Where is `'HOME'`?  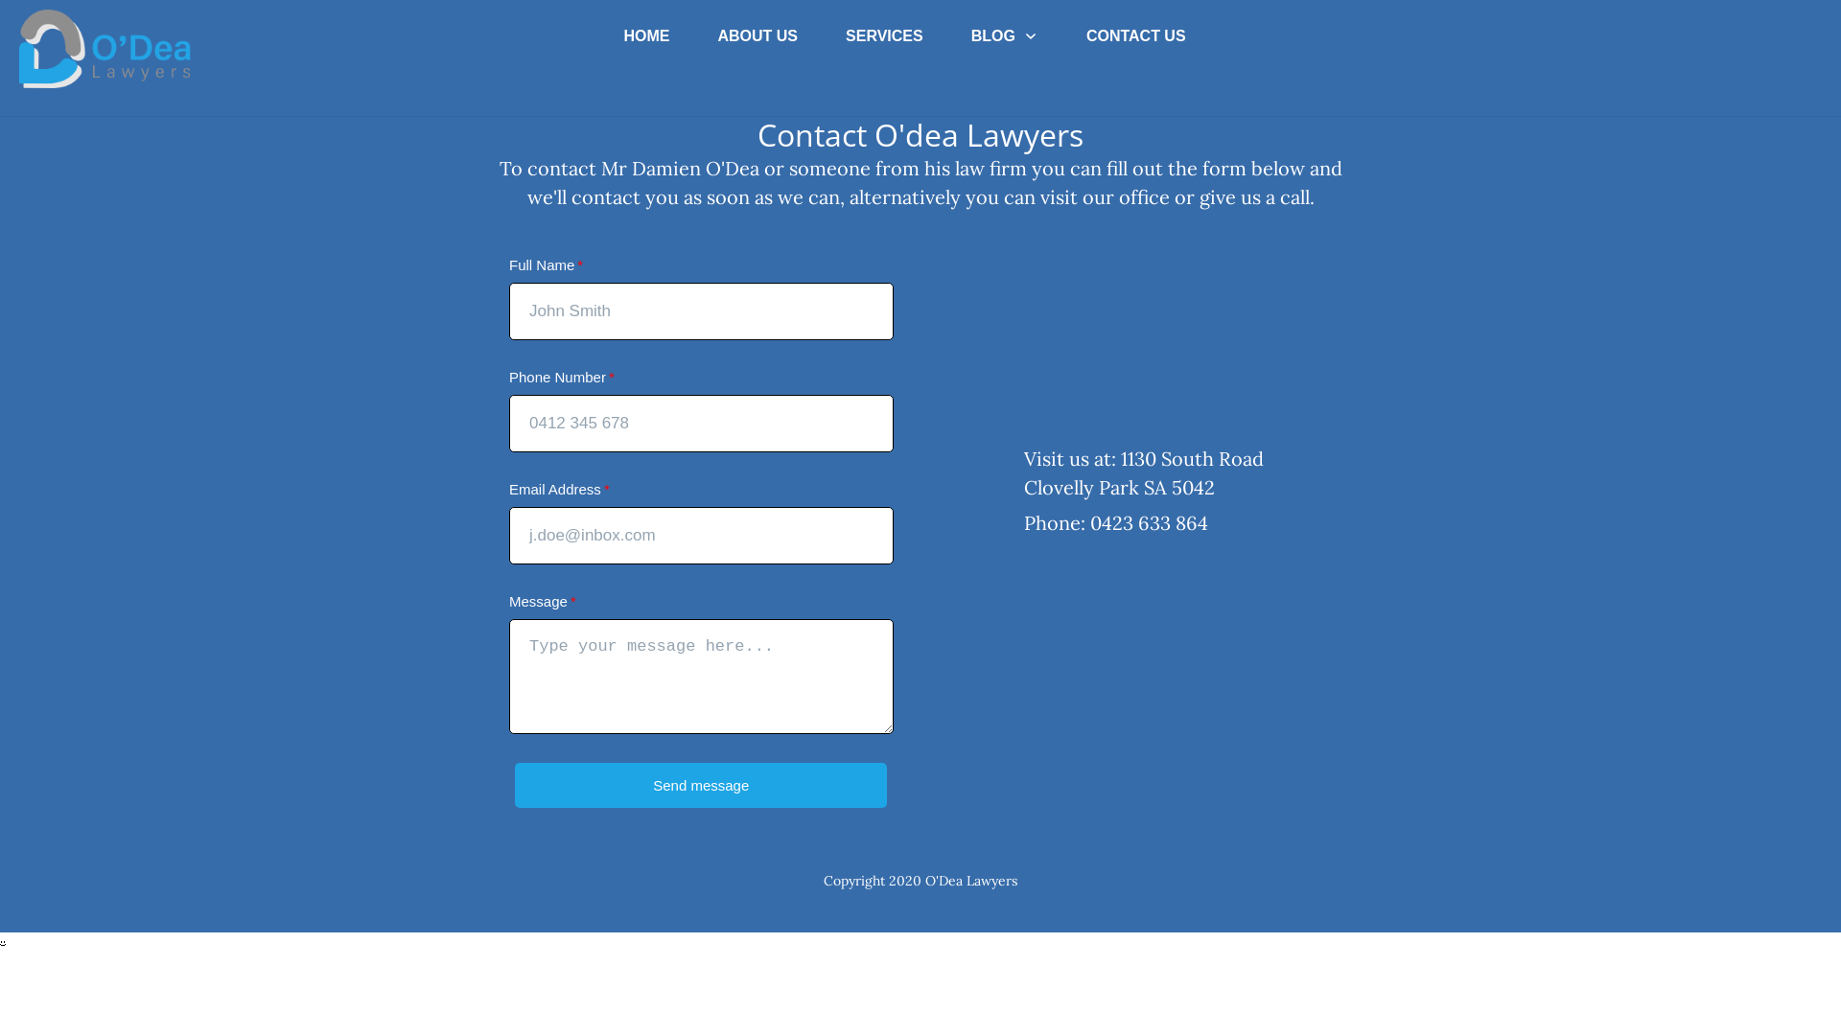 'HOME' is located at coordinates (645, 36).